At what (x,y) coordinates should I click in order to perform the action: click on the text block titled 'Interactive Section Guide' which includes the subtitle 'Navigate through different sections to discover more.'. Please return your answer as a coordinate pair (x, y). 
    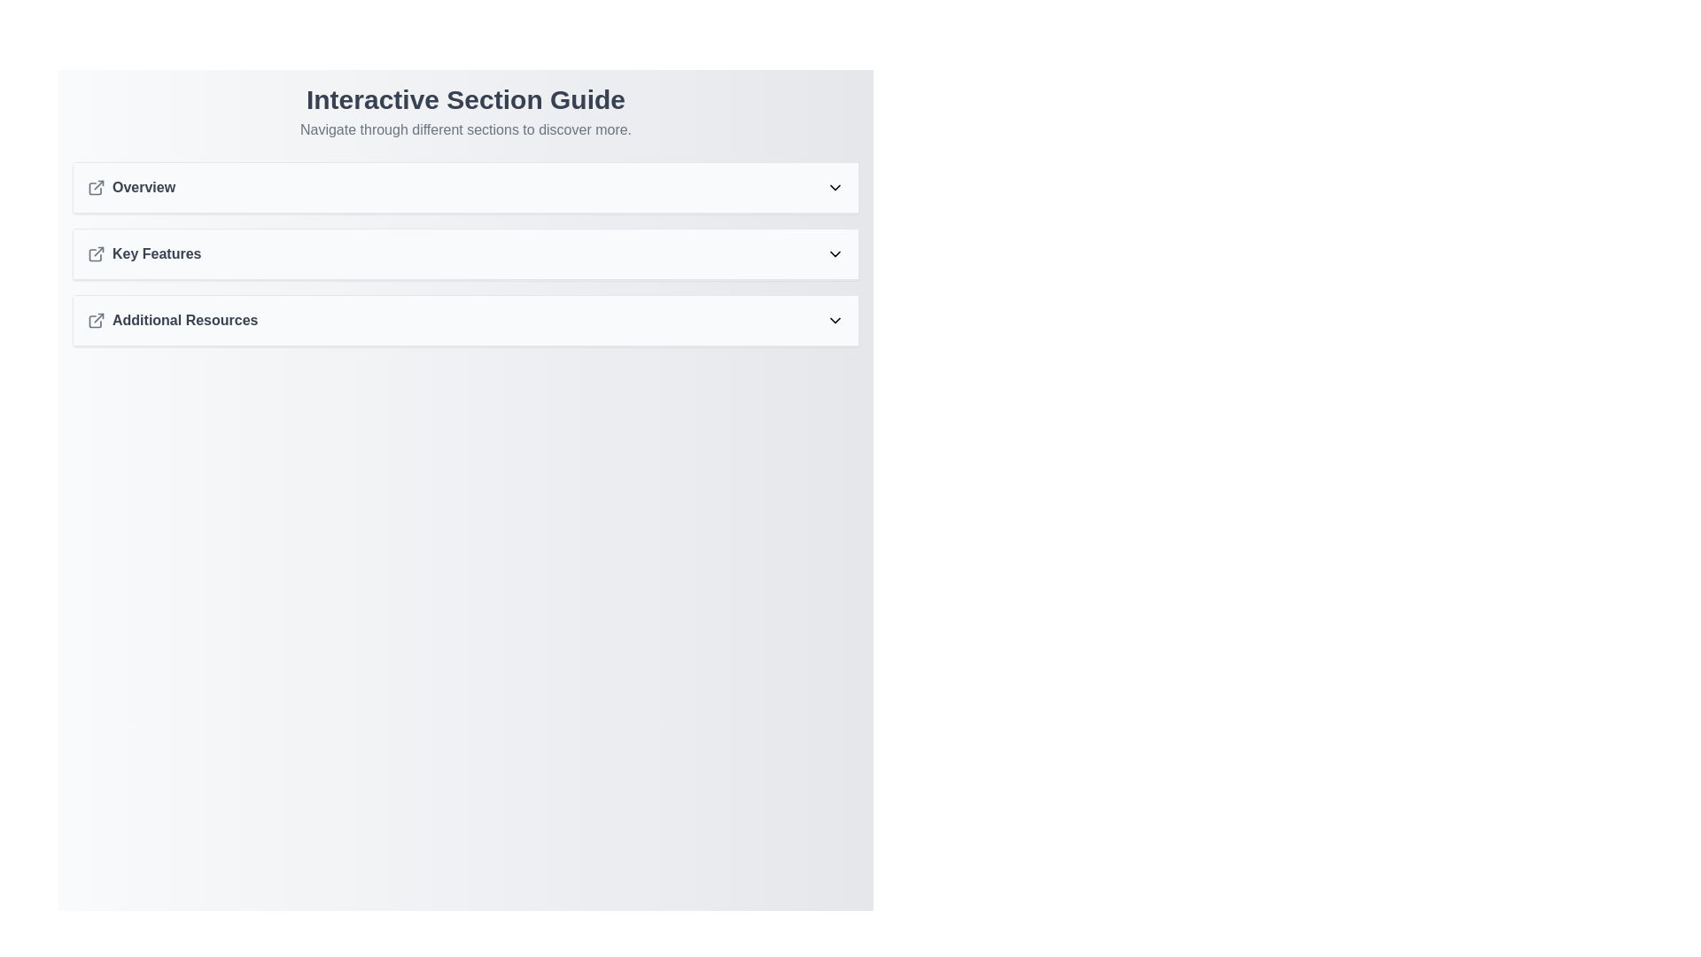
    Looking at the image, I should click on (466, 113).